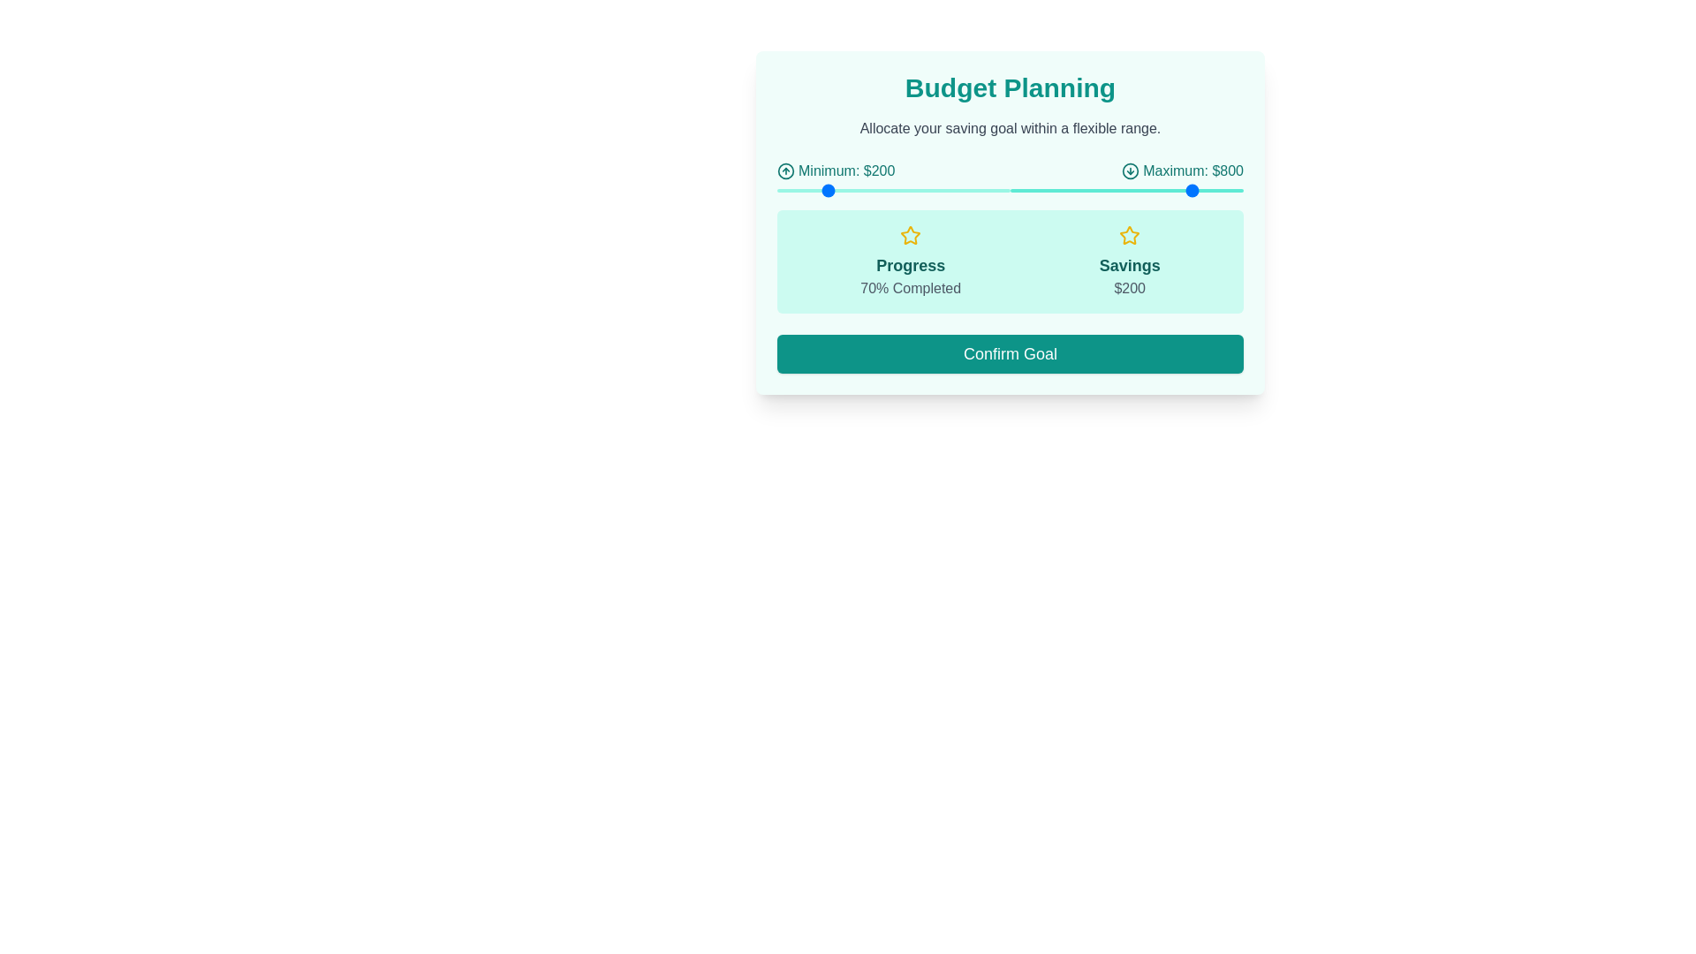 The height and width of the screenshot is (954, 1696). Describe the element at coordinates (819, 191) in the screenshot. I see `the slider value` at that location.